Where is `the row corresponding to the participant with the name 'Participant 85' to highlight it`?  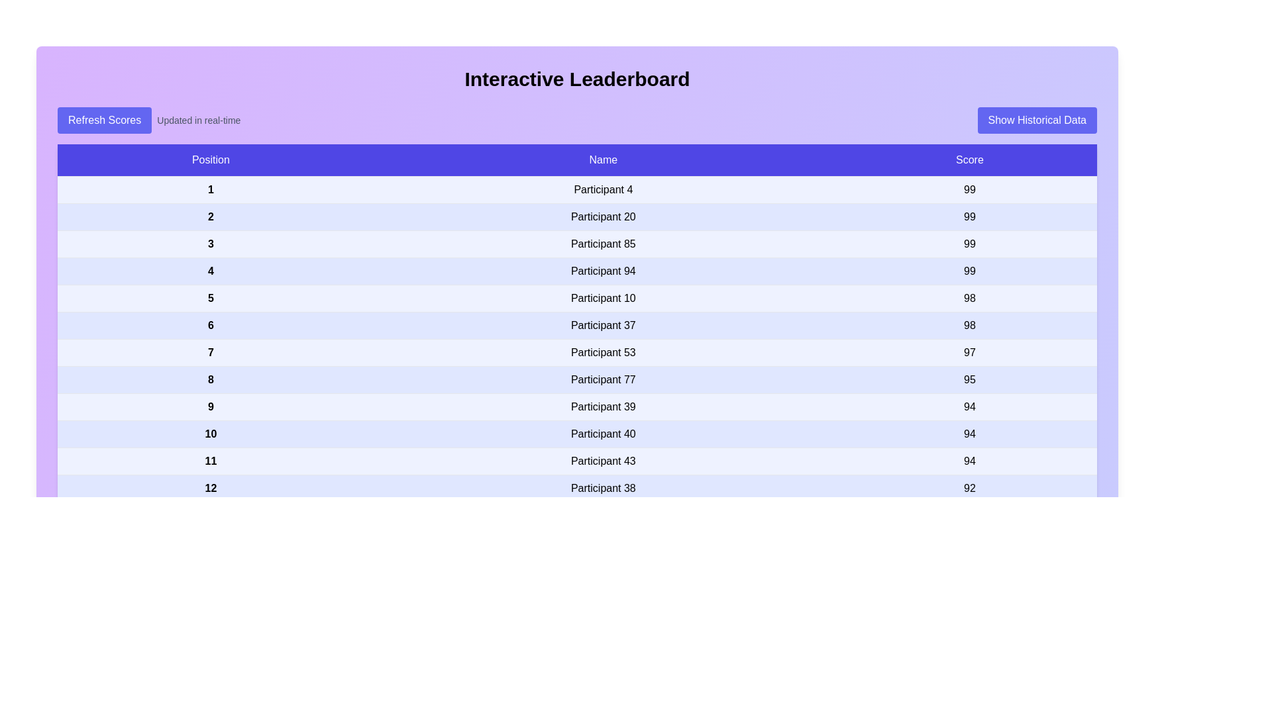
the row corresponding to the participant with the name 'Participant 85' to highlight it is located at coordinates (577, 244).